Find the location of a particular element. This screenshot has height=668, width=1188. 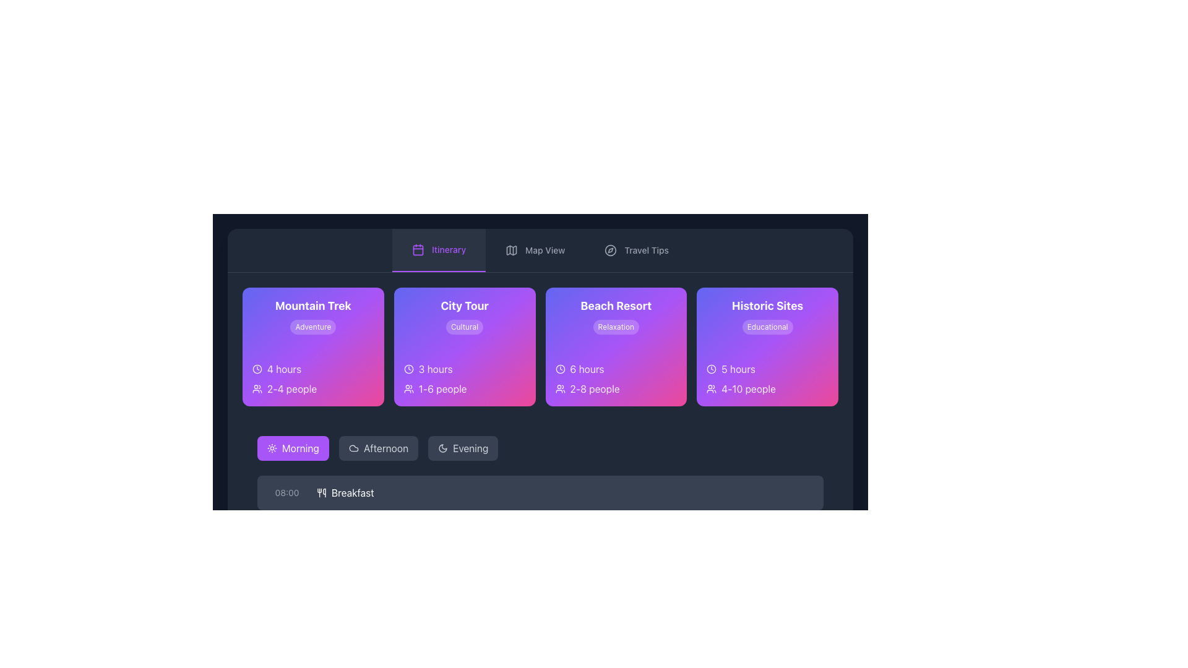

the text label indicating 'Historic Sites' at the top center of the fourth card labeled with 'Educational' is located at coordinates (767, 306).